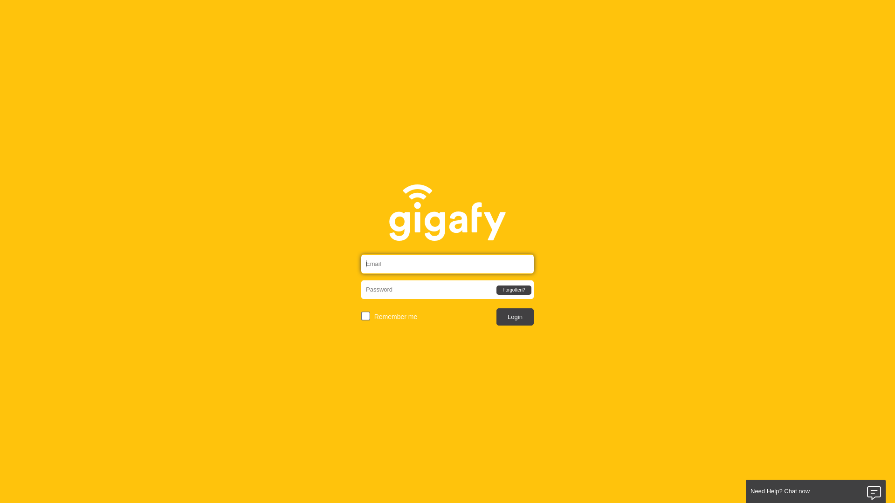  What do you see at coordinates (514, 316) in the screenshot?
I see `'Login'` at bounding box center [514, 316].